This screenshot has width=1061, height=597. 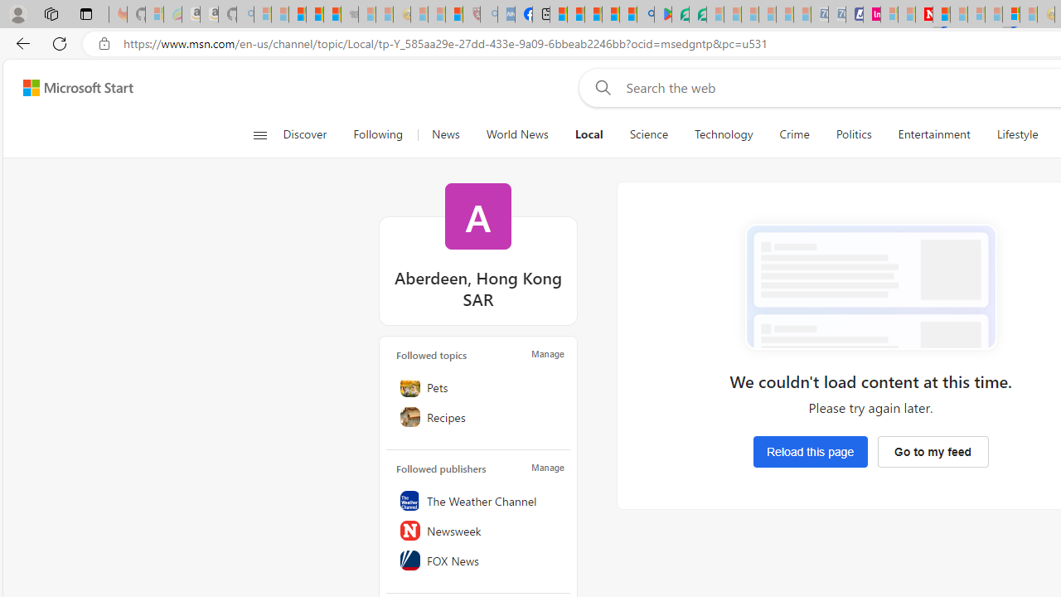 I want to click on 'Manage', so click(x=548, y=468).